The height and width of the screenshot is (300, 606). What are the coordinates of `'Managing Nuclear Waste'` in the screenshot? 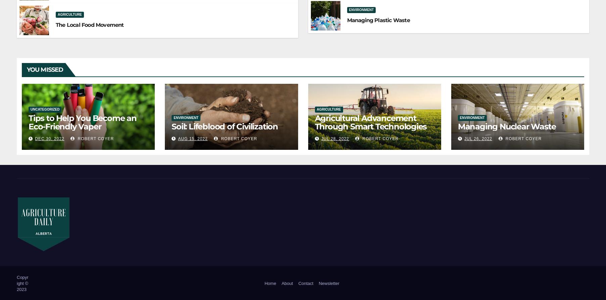 It's located at (457, 126).